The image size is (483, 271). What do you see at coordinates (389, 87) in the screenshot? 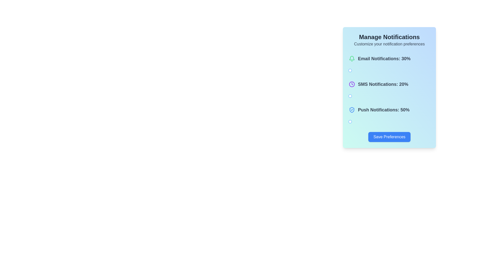
I see `the text label displaying 'SMS Notifications: 20%' which is styled in bold, gray text and is positioned between 'Email Notifications' and 'Push Notifications' in the notification management panel` at bounding box center [389, 87].